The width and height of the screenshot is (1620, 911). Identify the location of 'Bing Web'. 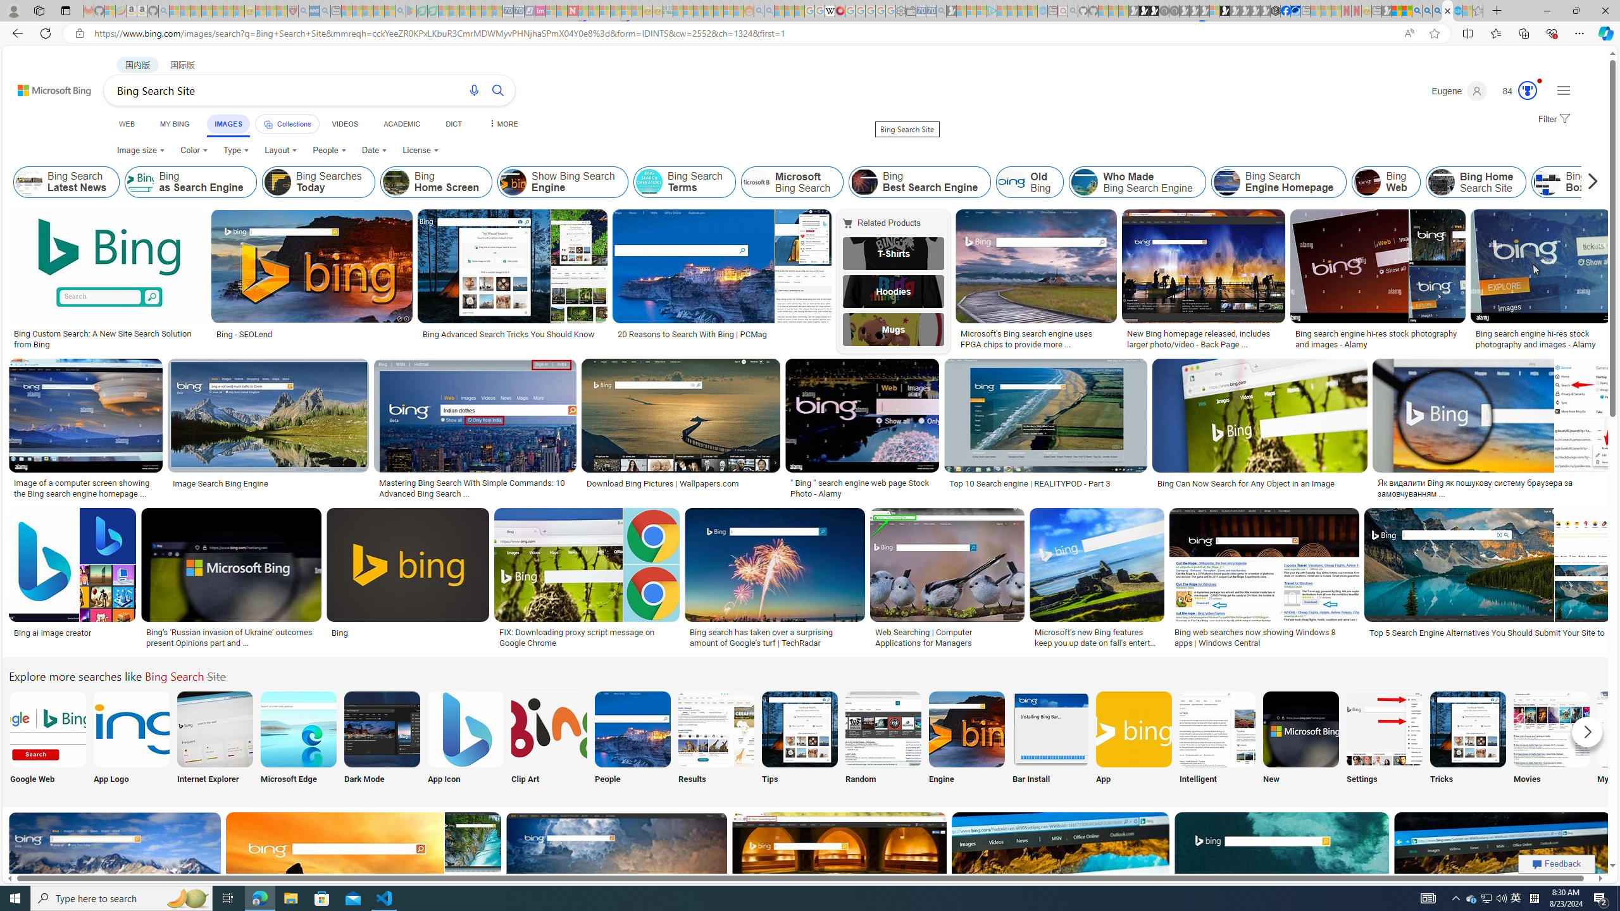
(1367, 182).